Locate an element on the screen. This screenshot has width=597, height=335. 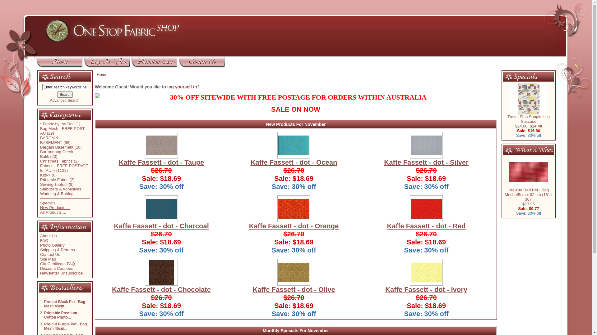
'BARGAIN BASEMENT' is located at coordinates (40, 140).